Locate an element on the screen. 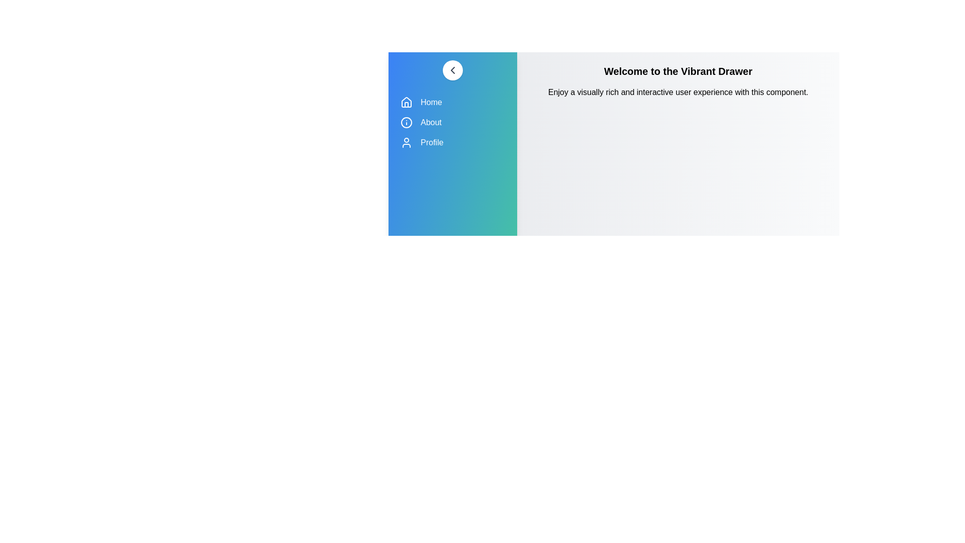  the 'Profile' menu item in the drawer is located at coordinates (452, 143).